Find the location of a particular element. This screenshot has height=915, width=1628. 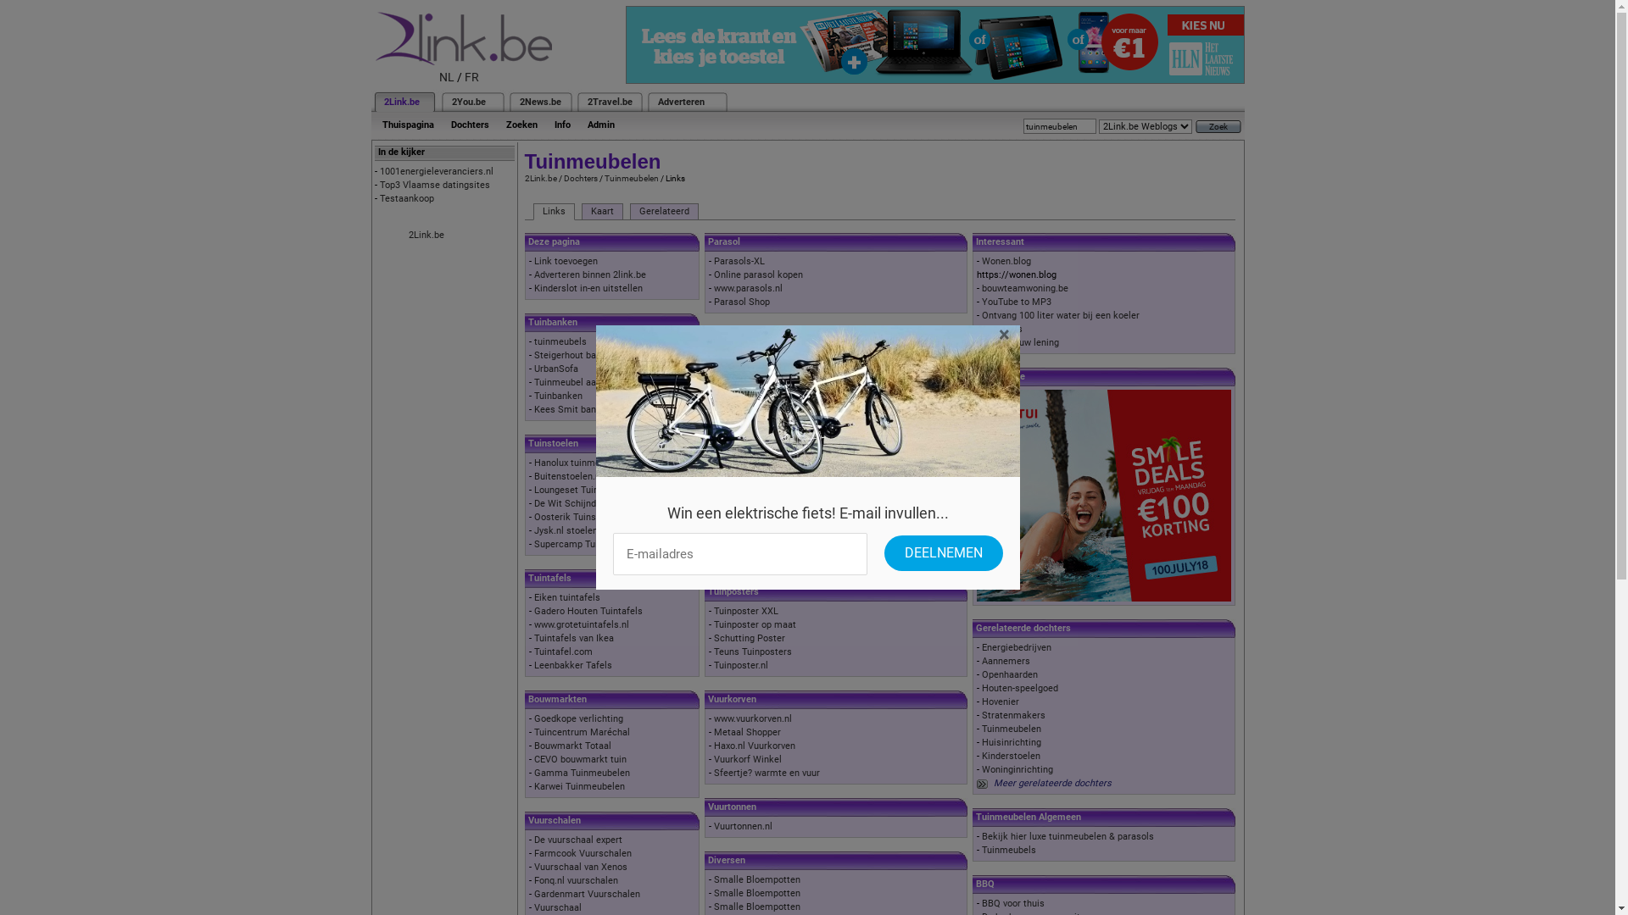

'2News.be' is located at coordinates (538, 102).